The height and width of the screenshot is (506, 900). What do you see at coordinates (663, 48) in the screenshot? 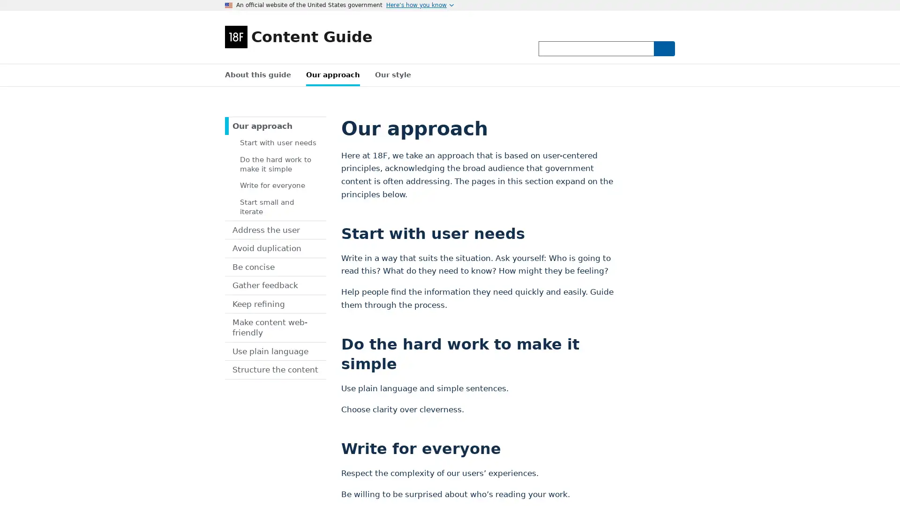
I see `Search` at bounding box center [663, 48].